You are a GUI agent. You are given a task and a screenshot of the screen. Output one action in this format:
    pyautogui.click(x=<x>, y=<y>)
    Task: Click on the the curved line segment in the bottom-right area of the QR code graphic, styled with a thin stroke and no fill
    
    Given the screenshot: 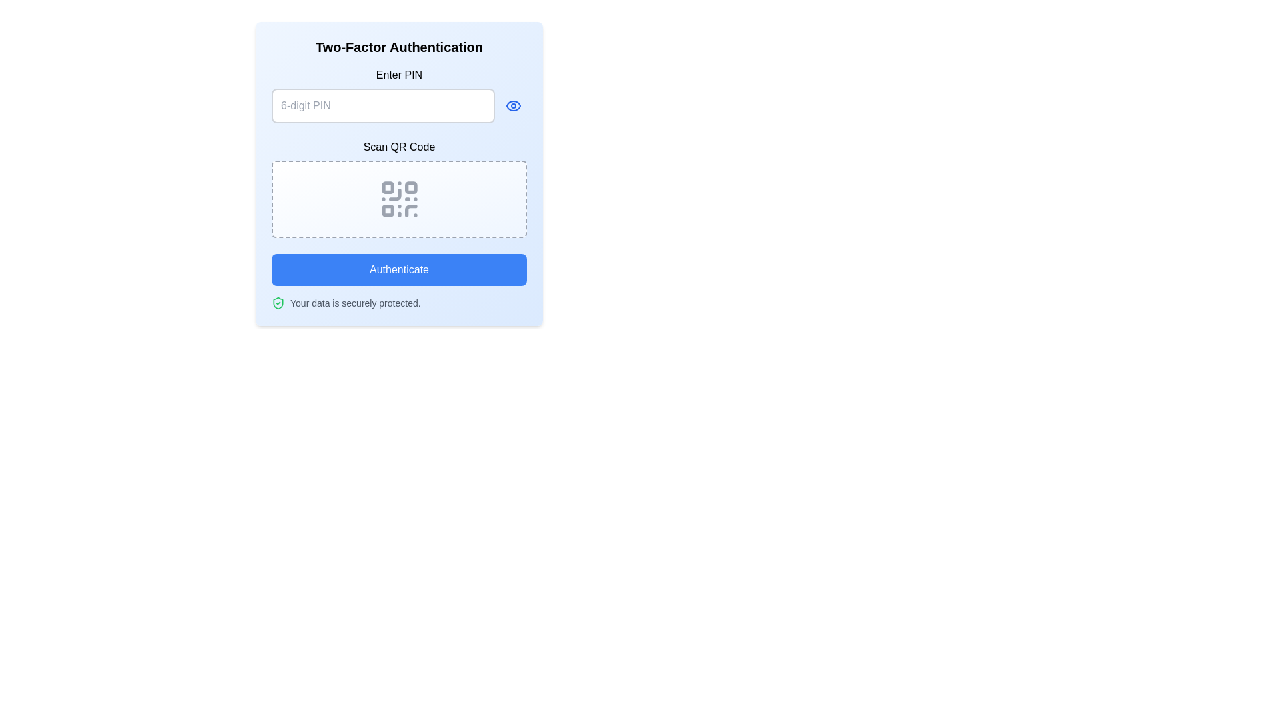 What is the action you would take?
    pyautogui.click(x=410, y=210)
    